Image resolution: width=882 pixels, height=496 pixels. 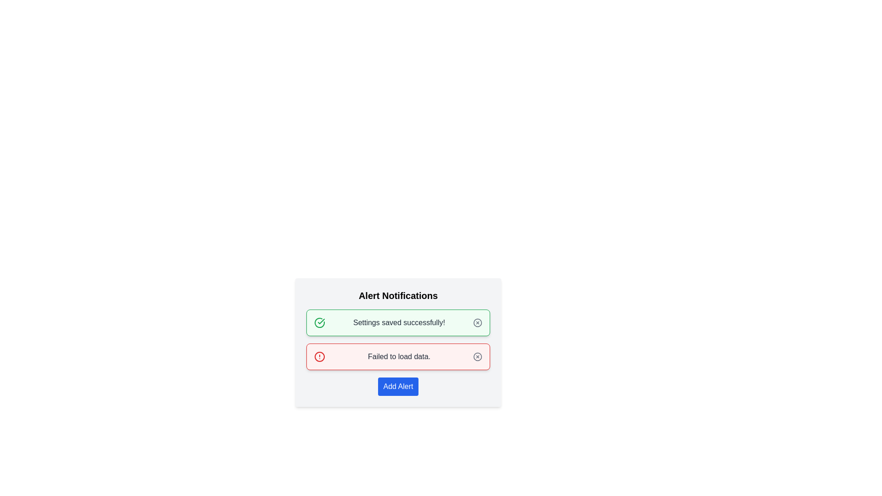 I want to click on the dismiss button located in the alert box displaying 'Settings saved successfully!' to change its color to red, so click(x=478, y=322).